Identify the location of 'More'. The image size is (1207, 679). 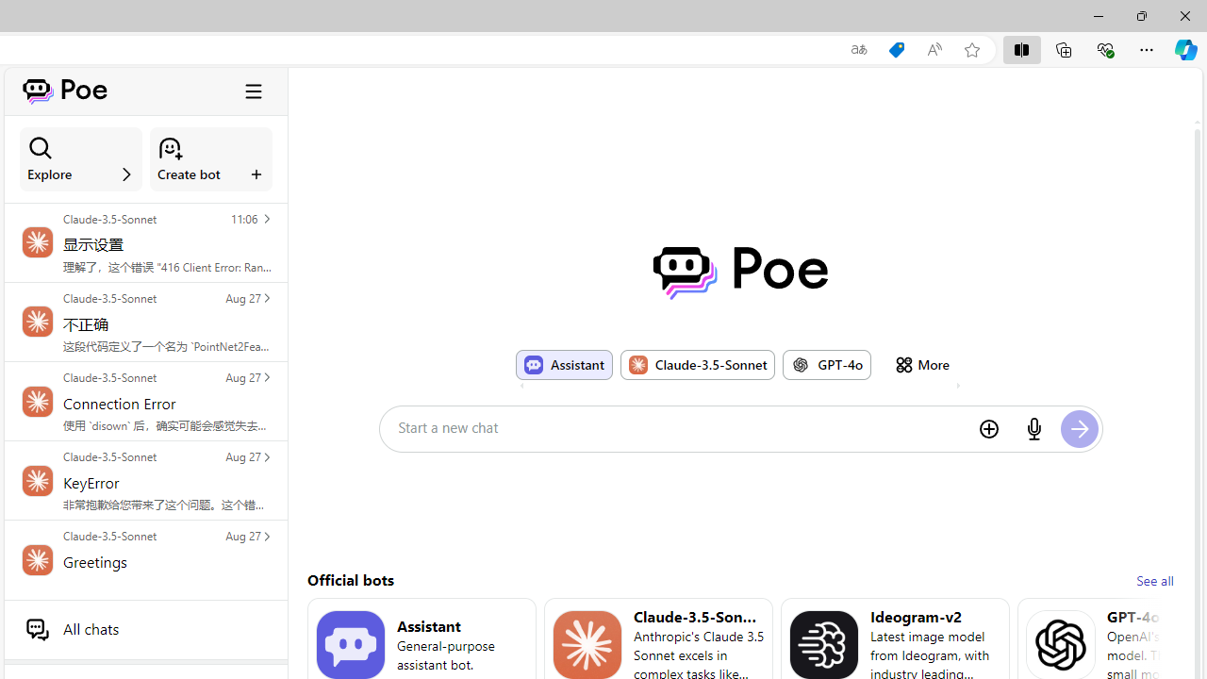
(921, 364).